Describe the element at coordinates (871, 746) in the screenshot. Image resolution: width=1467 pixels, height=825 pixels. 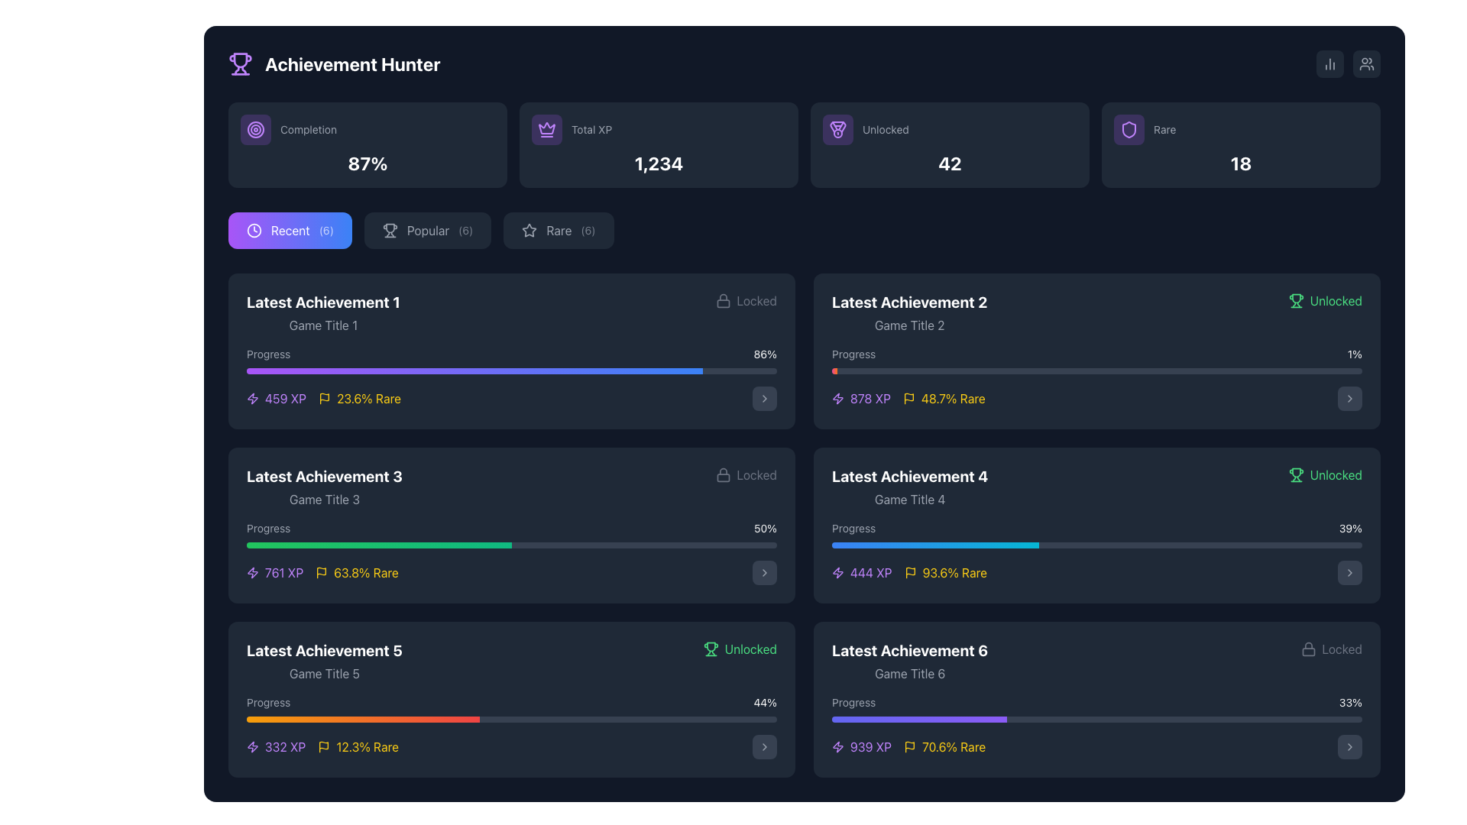
I see `the XP display Text Label for 'Latest Achievement 6' to check for tooltip information` at that location.